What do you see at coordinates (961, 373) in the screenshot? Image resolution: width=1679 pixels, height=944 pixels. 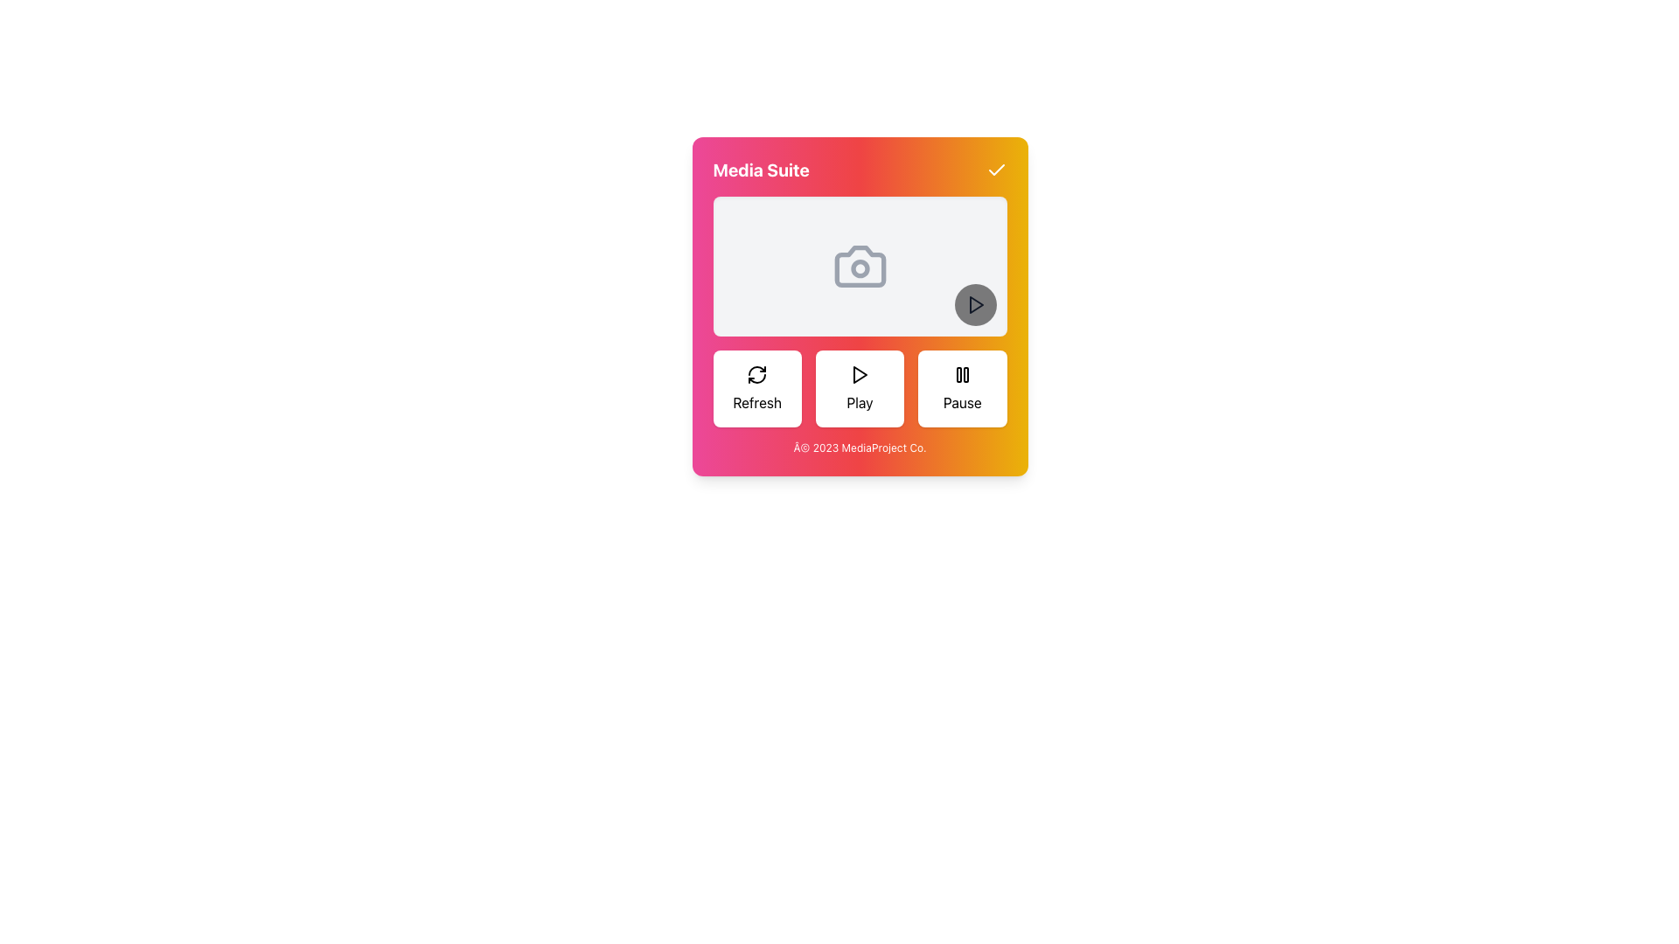 I see `the pause icon, which consists of two vertical black bars and is part of the 'Pause' button located in the bottom right quadrant of the 'Media Suite' card` at bounding box center [961, 373].